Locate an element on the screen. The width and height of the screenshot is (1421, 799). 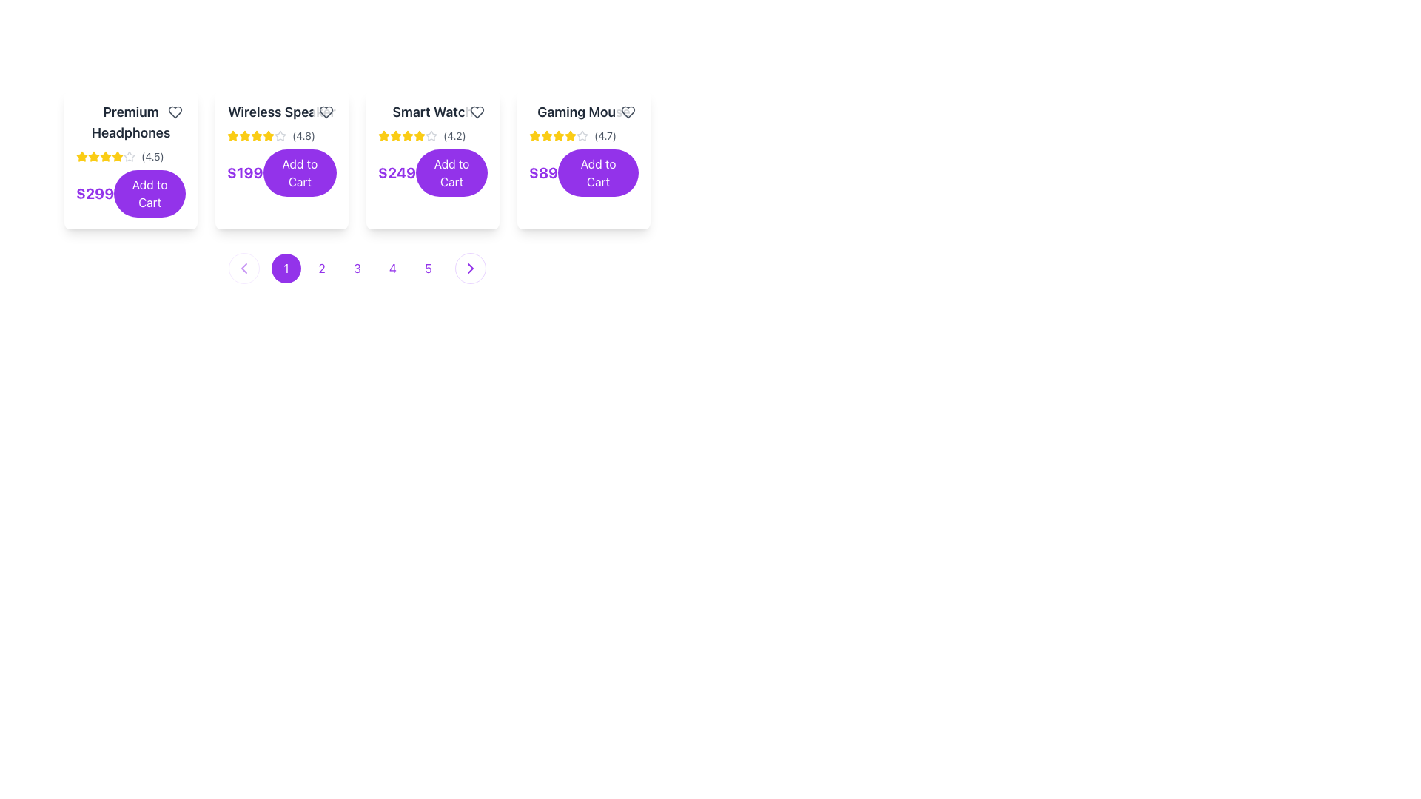
the 'Add to Cart' button located at the bottom center of the second card item in a horizontally arranged list is located at coordinates (281, 149).